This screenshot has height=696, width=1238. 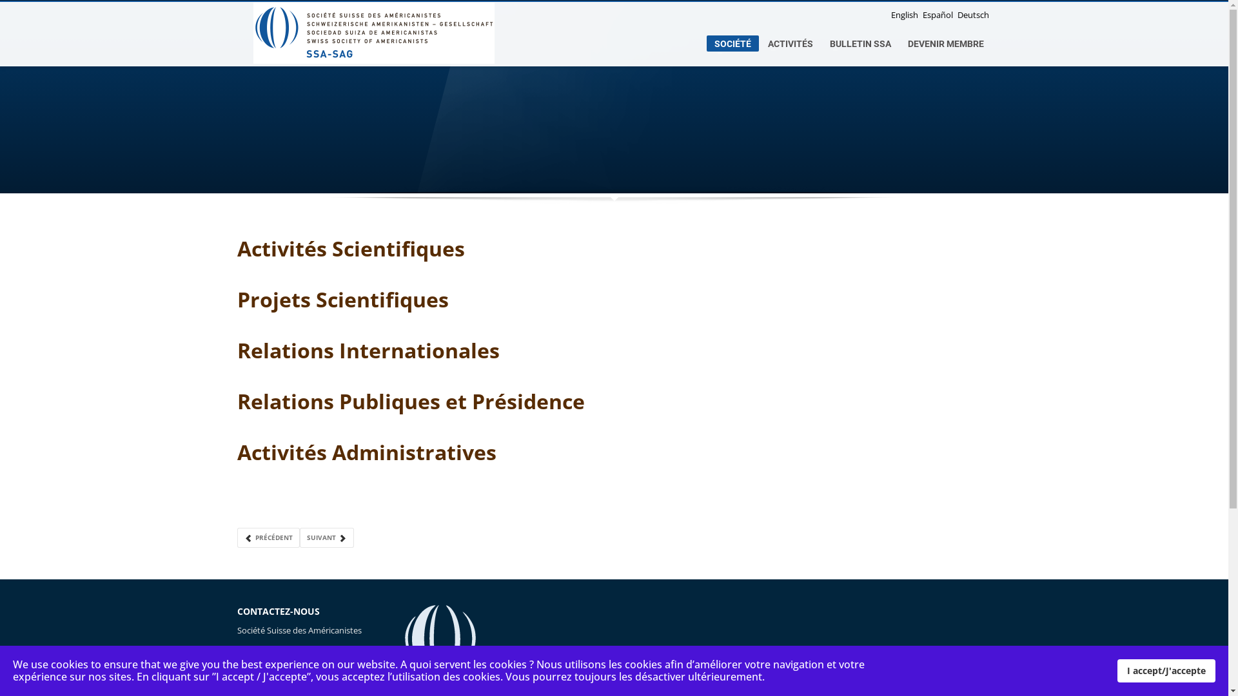 What do you see at coordinates (373, 32) in the screenshot?
I see `'Click to go back Home'` at bounding box center [373, 32].